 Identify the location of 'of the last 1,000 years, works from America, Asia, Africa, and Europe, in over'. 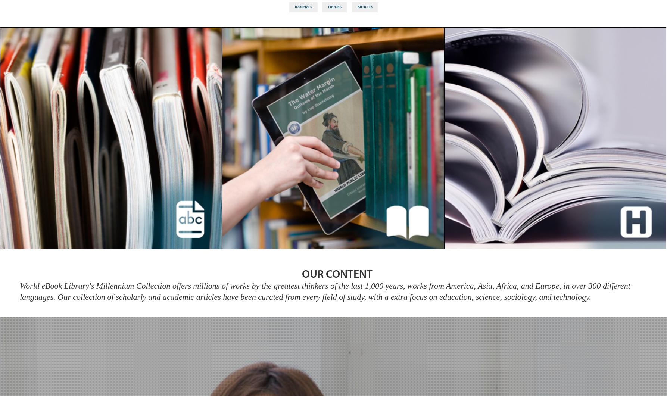
(458, 285).